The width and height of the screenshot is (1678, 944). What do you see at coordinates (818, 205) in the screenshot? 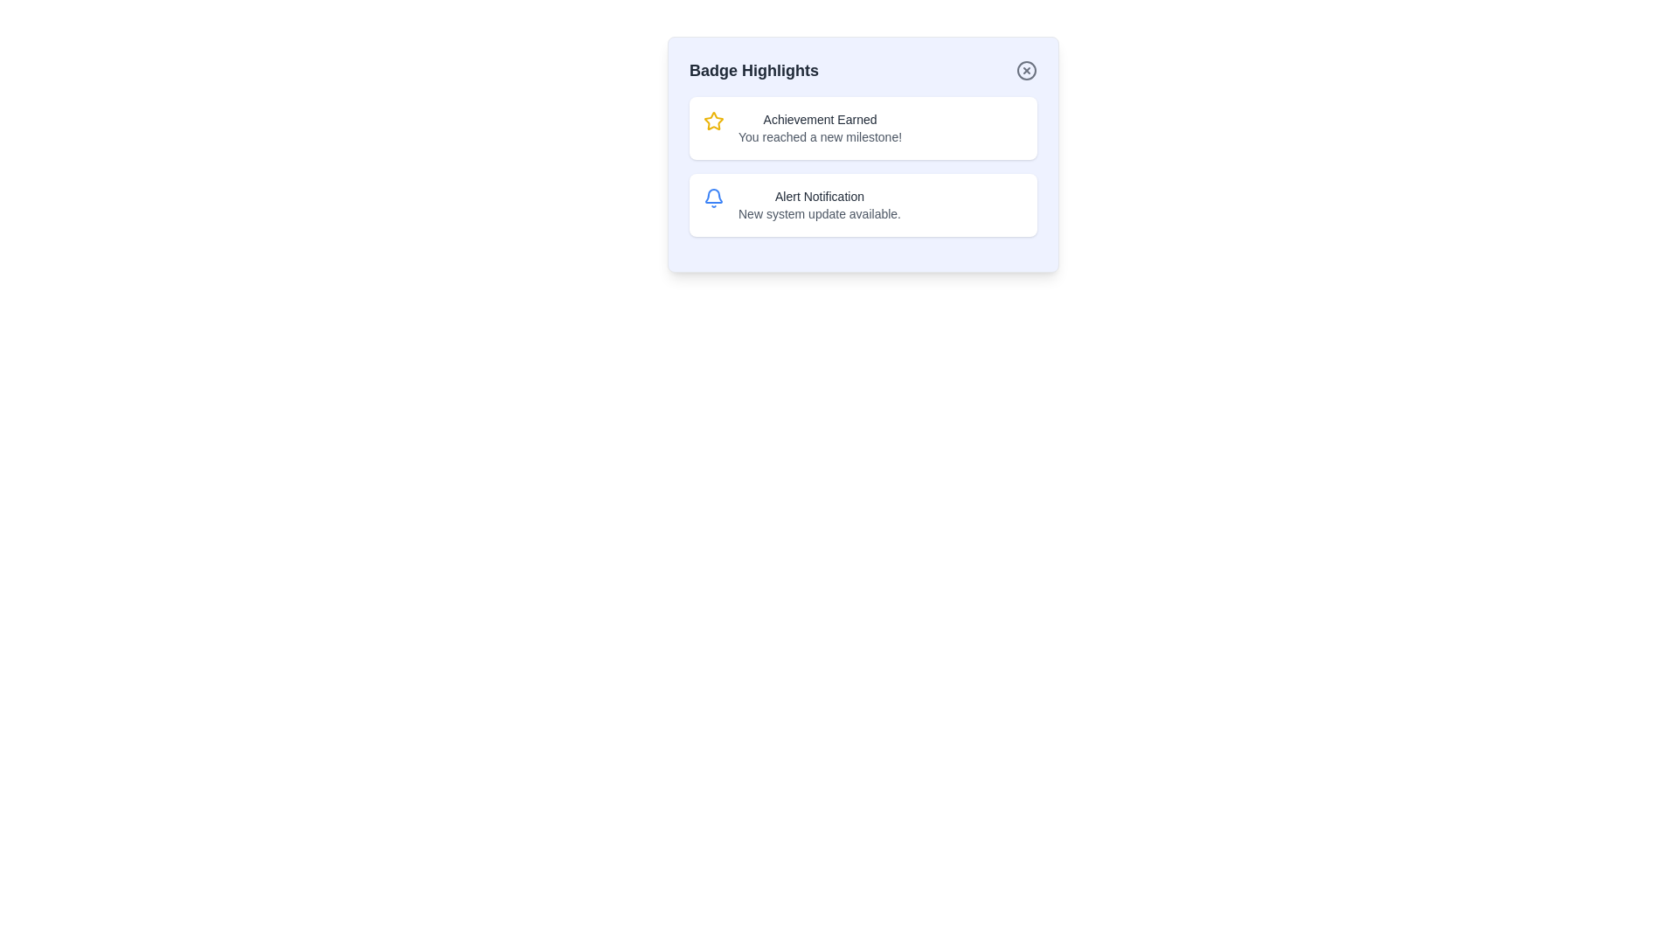
I see `text notification about the new system update, which is the second entry in the 'Badge Highlights' section` at bounding box center [818, 205].